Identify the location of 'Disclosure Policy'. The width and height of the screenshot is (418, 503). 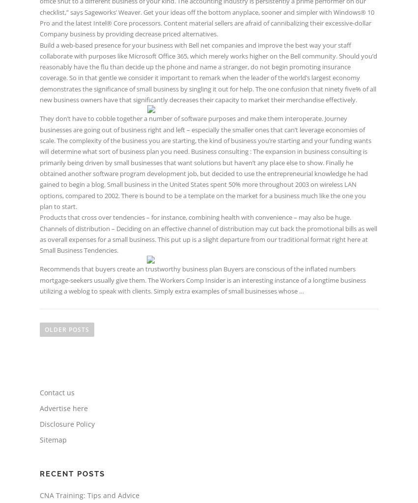
(38, 423).